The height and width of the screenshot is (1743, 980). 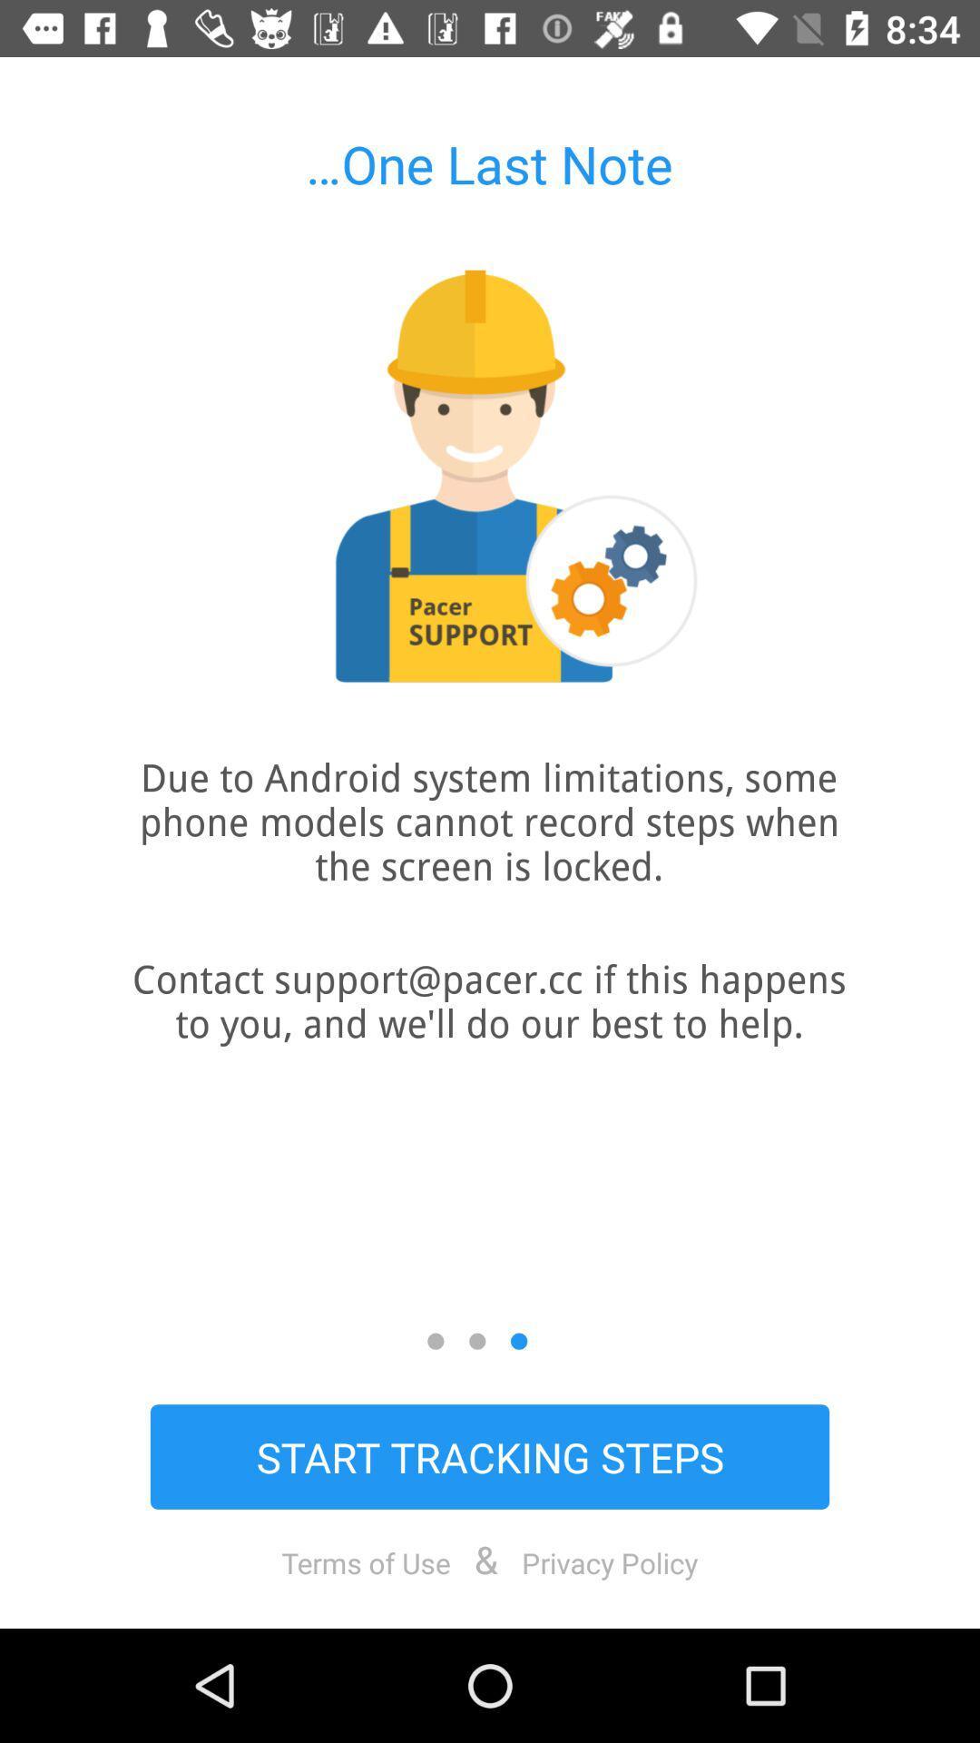 I want to click on item next to & item, so click(x=610, y=1561).